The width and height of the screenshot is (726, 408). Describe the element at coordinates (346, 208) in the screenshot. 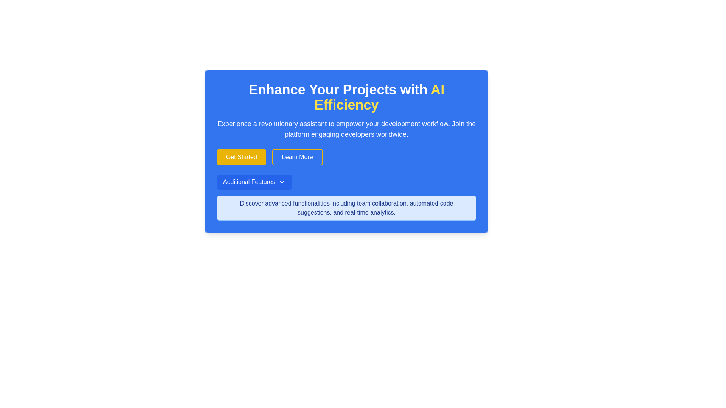

I see `the Text block with a light blue background and dark blue text, positioned below the 'Additional Features' button` at that location.